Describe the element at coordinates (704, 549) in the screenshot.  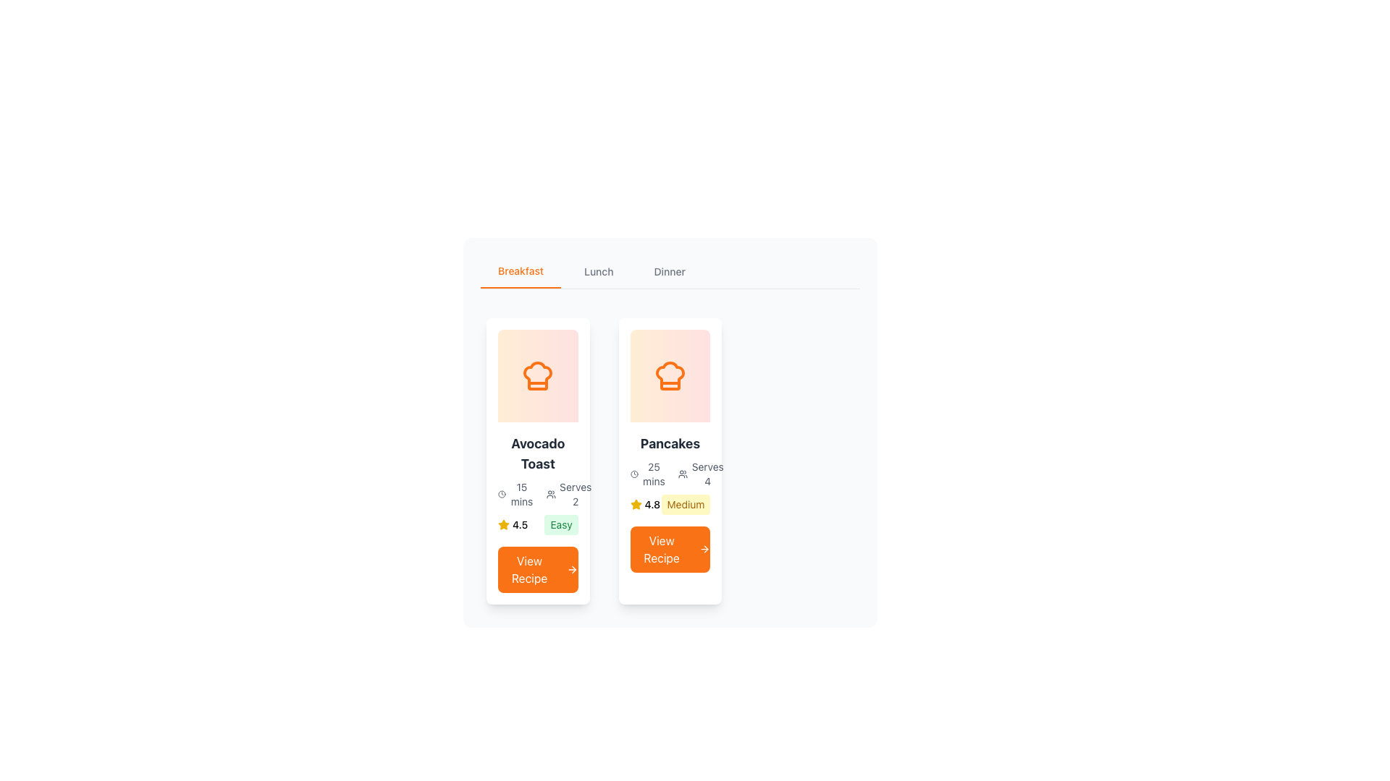
I see `the forward arrow icon located at the rightmost side of the 'View Recipe' button below the 'Pancakes' recipe card to initiate navigation` at that location.